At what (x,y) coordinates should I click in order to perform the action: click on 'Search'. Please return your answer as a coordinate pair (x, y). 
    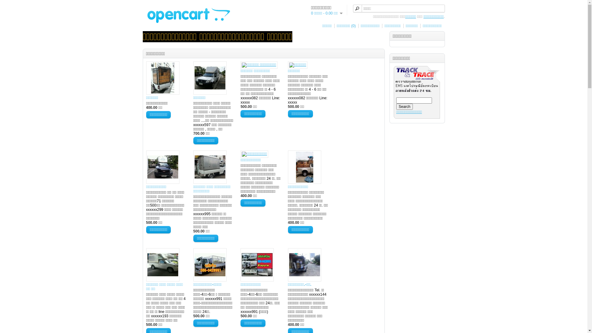
    Looking at the image, I should click on (396, 106).